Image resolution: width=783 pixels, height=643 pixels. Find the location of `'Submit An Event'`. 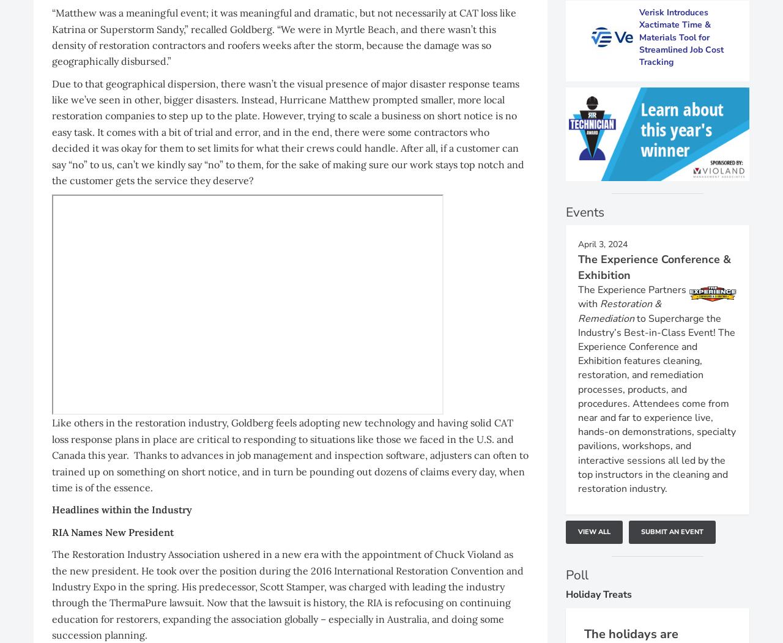

'Submit An Event' is located at coordinates (672, 531).